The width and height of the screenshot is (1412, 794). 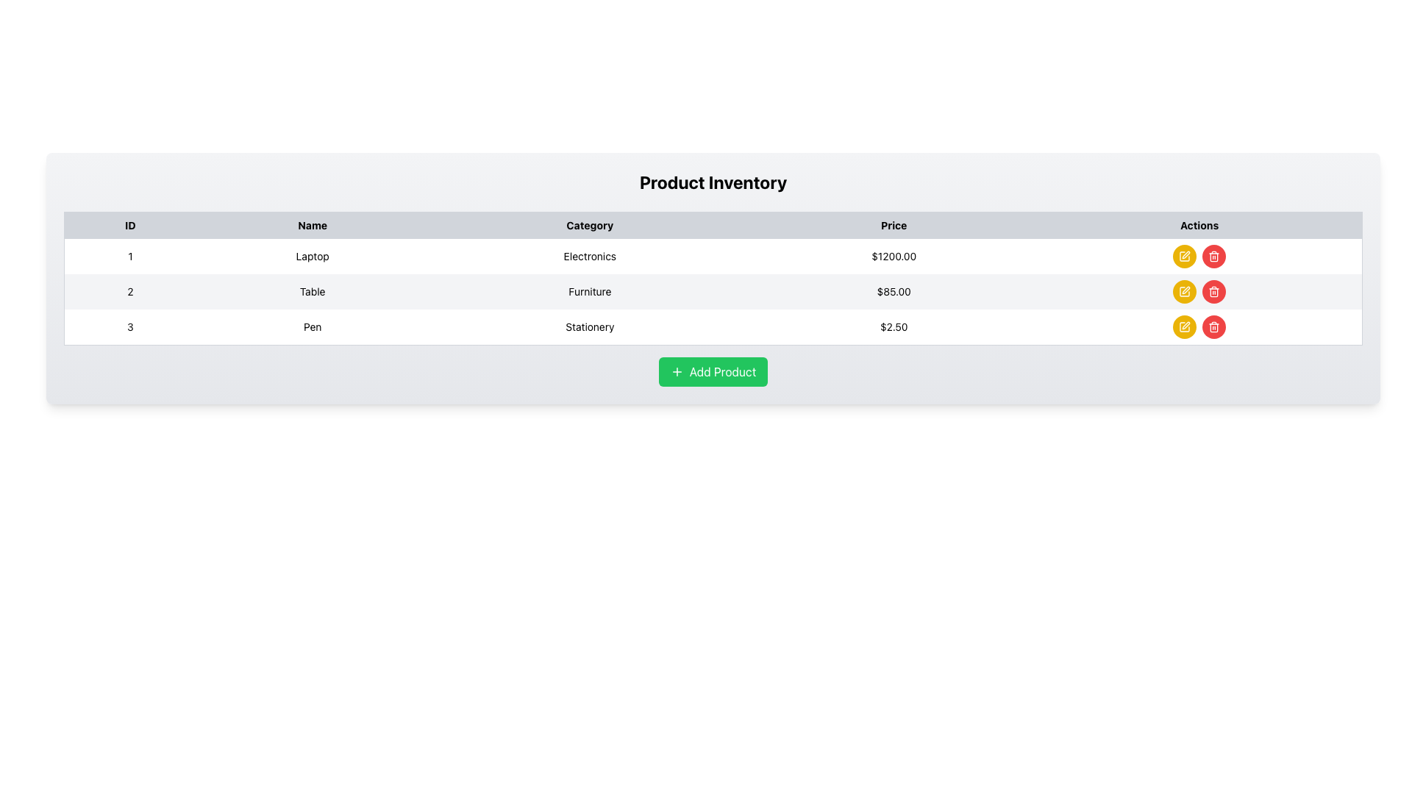 What do you see at coordinates (1214, 292) in the screenshot?
I see `the trash can icon button with a red circular background located in the last row of the table under the 'Actions' column` at bounding box center [1214, 292].